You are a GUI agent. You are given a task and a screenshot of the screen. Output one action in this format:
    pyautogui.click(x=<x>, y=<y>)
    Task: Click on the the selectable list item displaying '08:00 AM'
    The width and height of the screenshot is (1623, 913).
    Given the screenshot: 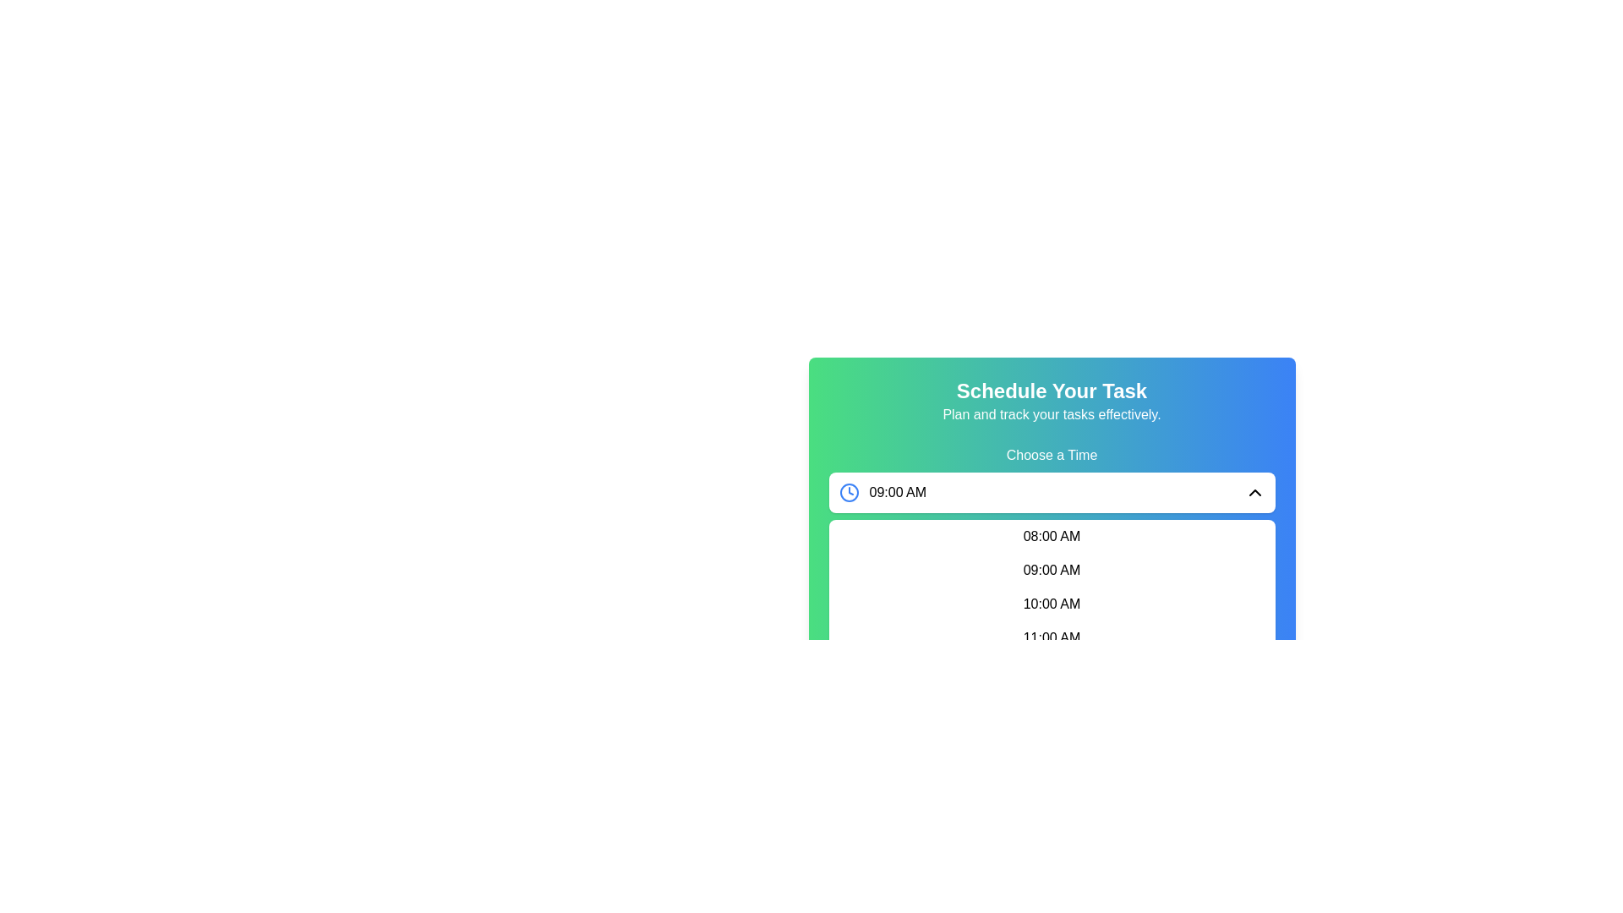 What is the action you would take?
    pyautogui.click(x=1051, y=537)
    